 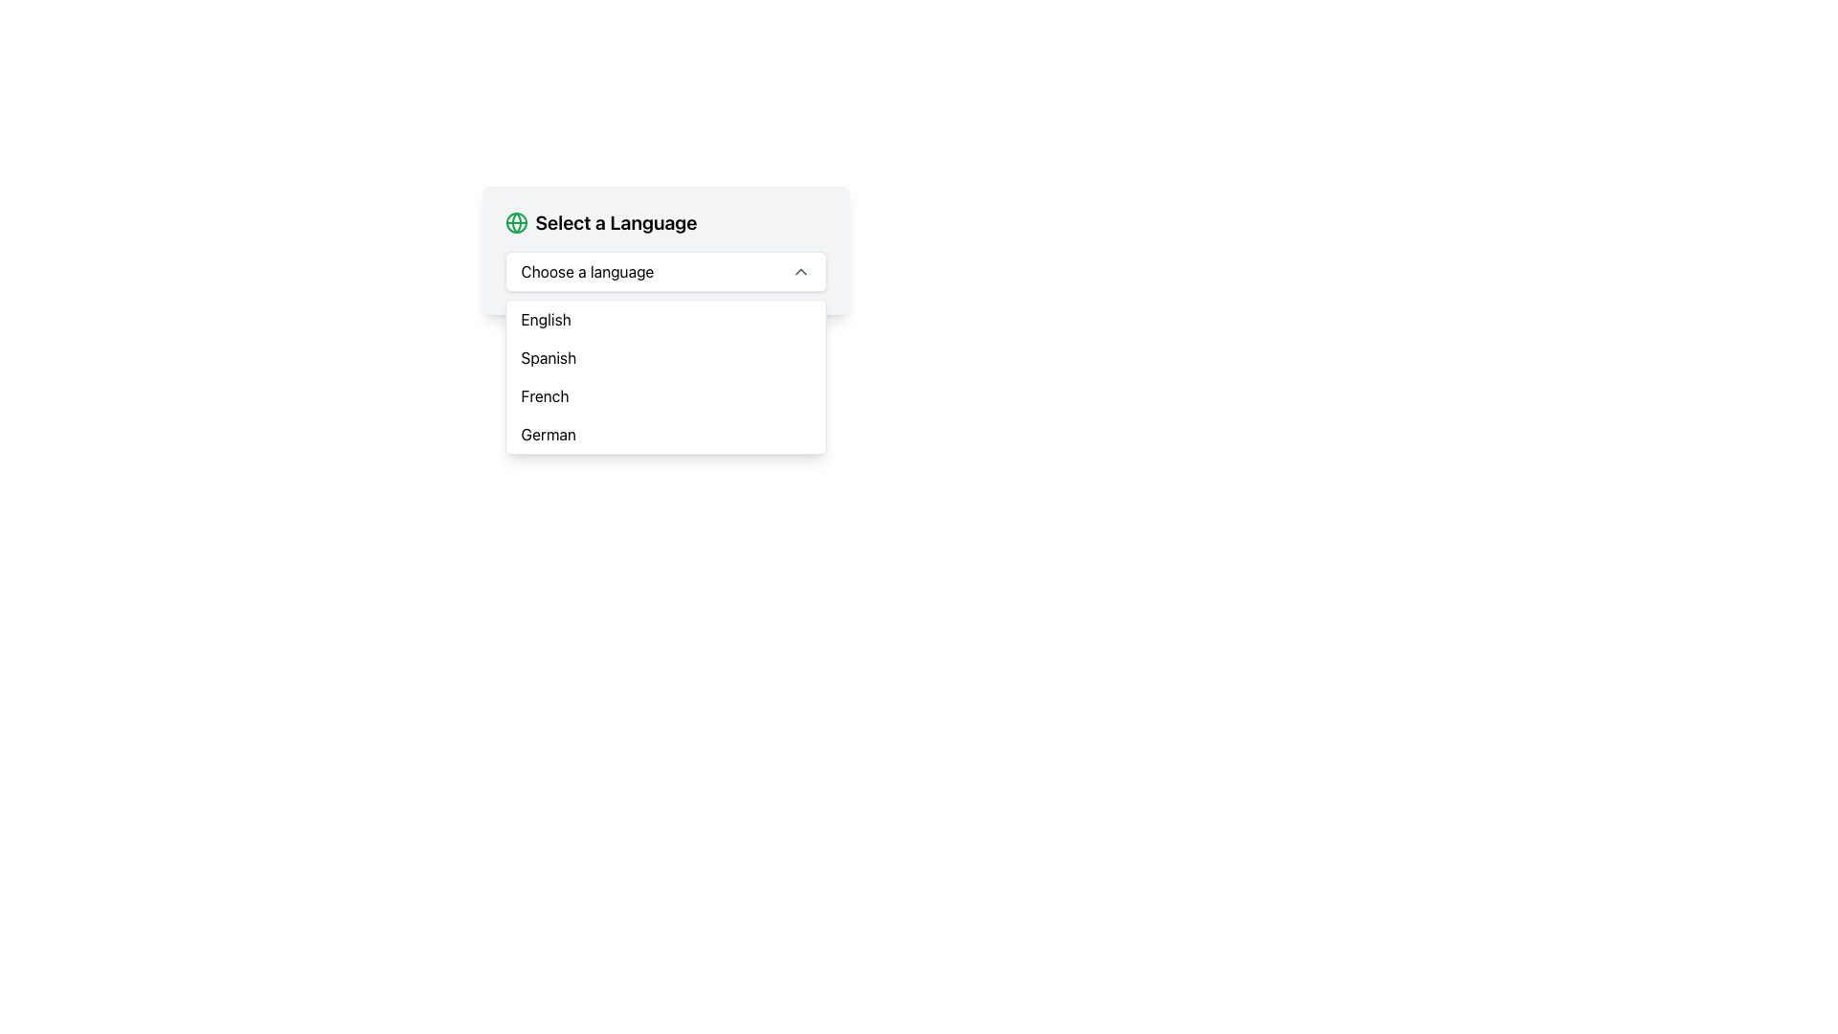 What do you see at coordinates (665, 272) in the screenshot?
I see `the 'Choose a language' dropdown menu` at bounding box center [665, 272].